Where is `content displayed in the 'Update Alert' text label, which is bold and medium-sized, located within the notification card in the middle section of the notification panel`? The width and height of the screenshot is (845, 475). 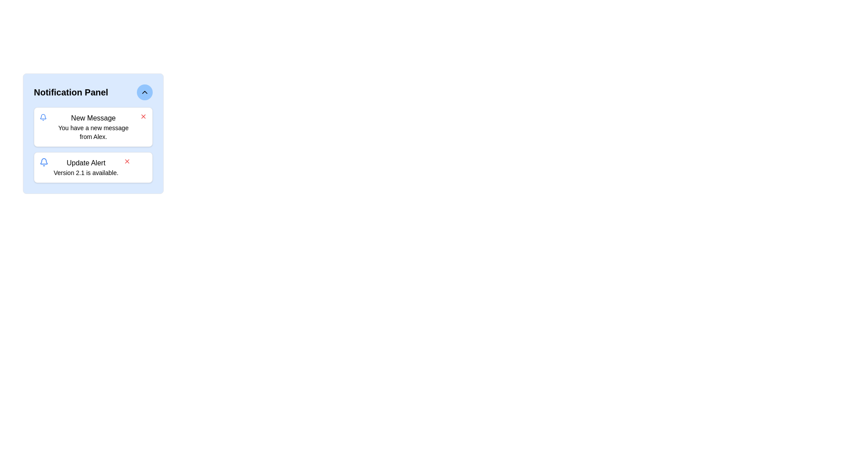 content displayed in the 'Update Alert' text label, which is bold and medium-sized, located within the notification card in the middle section of the notification panel is located at coordinates (86, 163).